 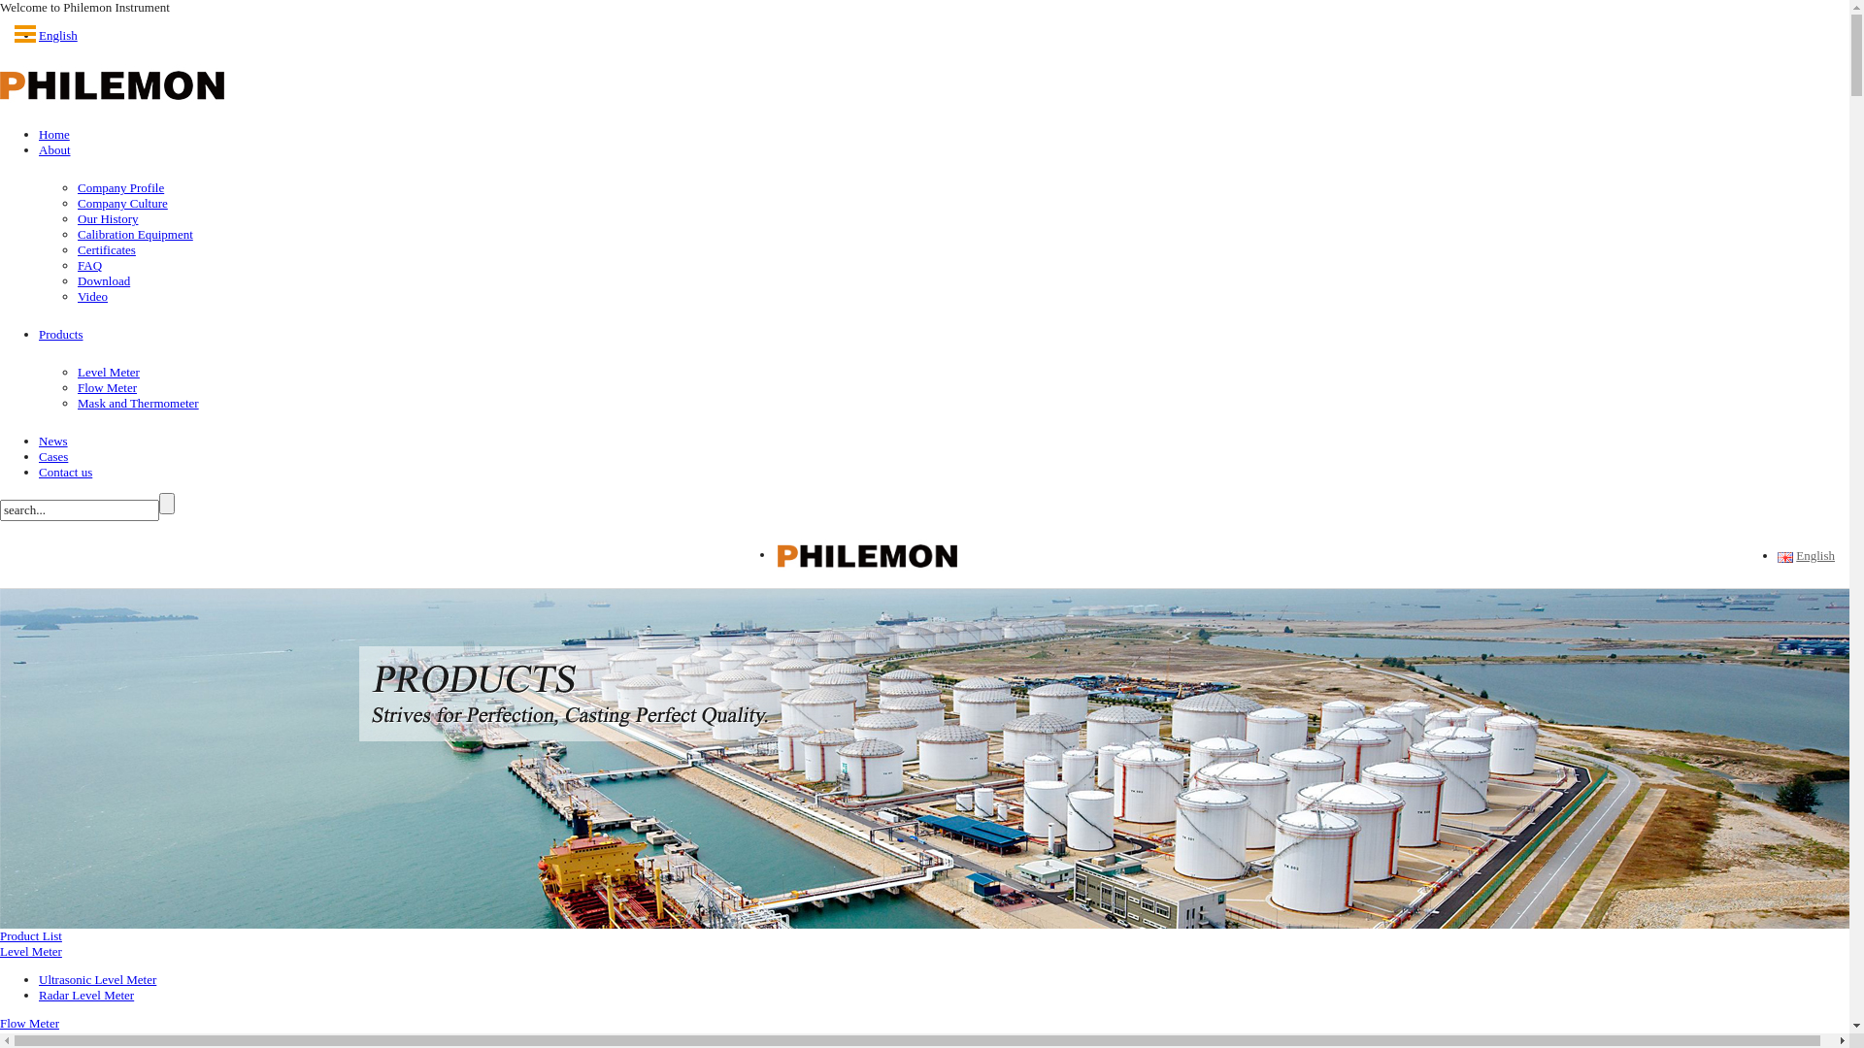 What do you see at coordinates (134, 233) in the screenshot?
I see `'Calibration Equipment'` at bounding box center [134, 233].